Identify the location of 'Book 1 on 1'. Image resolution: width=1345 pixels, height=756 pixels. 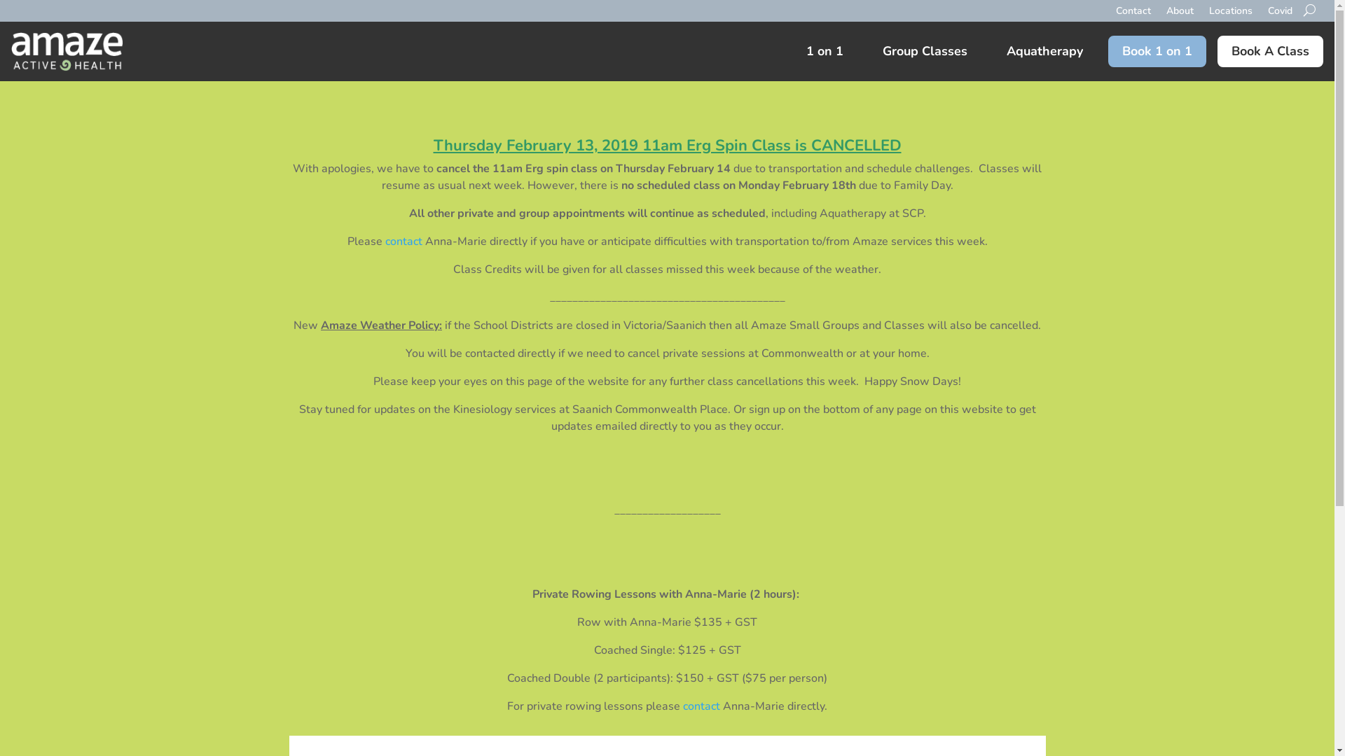
(1108, 50).